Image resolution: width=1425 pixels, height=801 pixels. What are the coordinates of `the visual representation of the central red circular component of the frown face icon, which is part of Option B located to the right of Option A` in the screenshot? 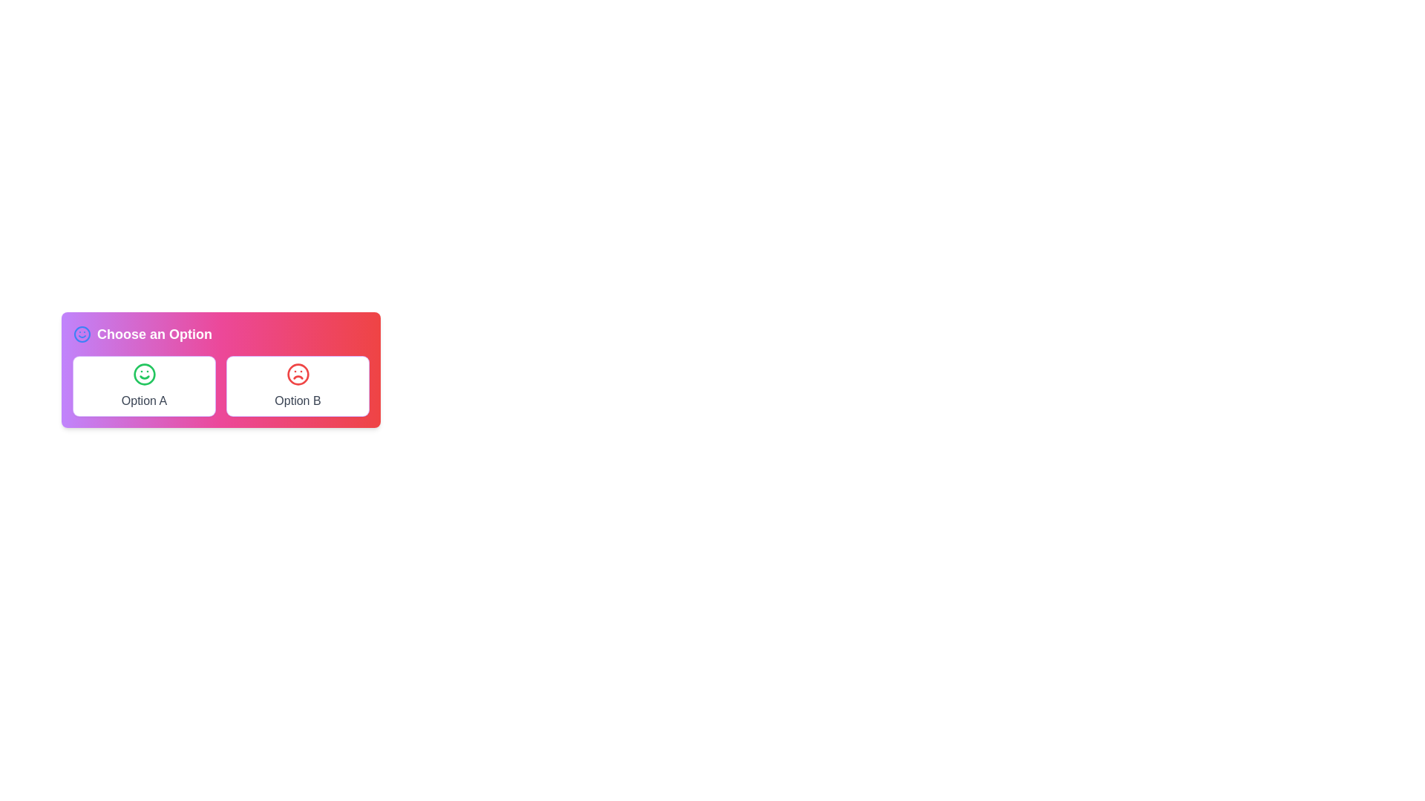 It's located at (297, 374).